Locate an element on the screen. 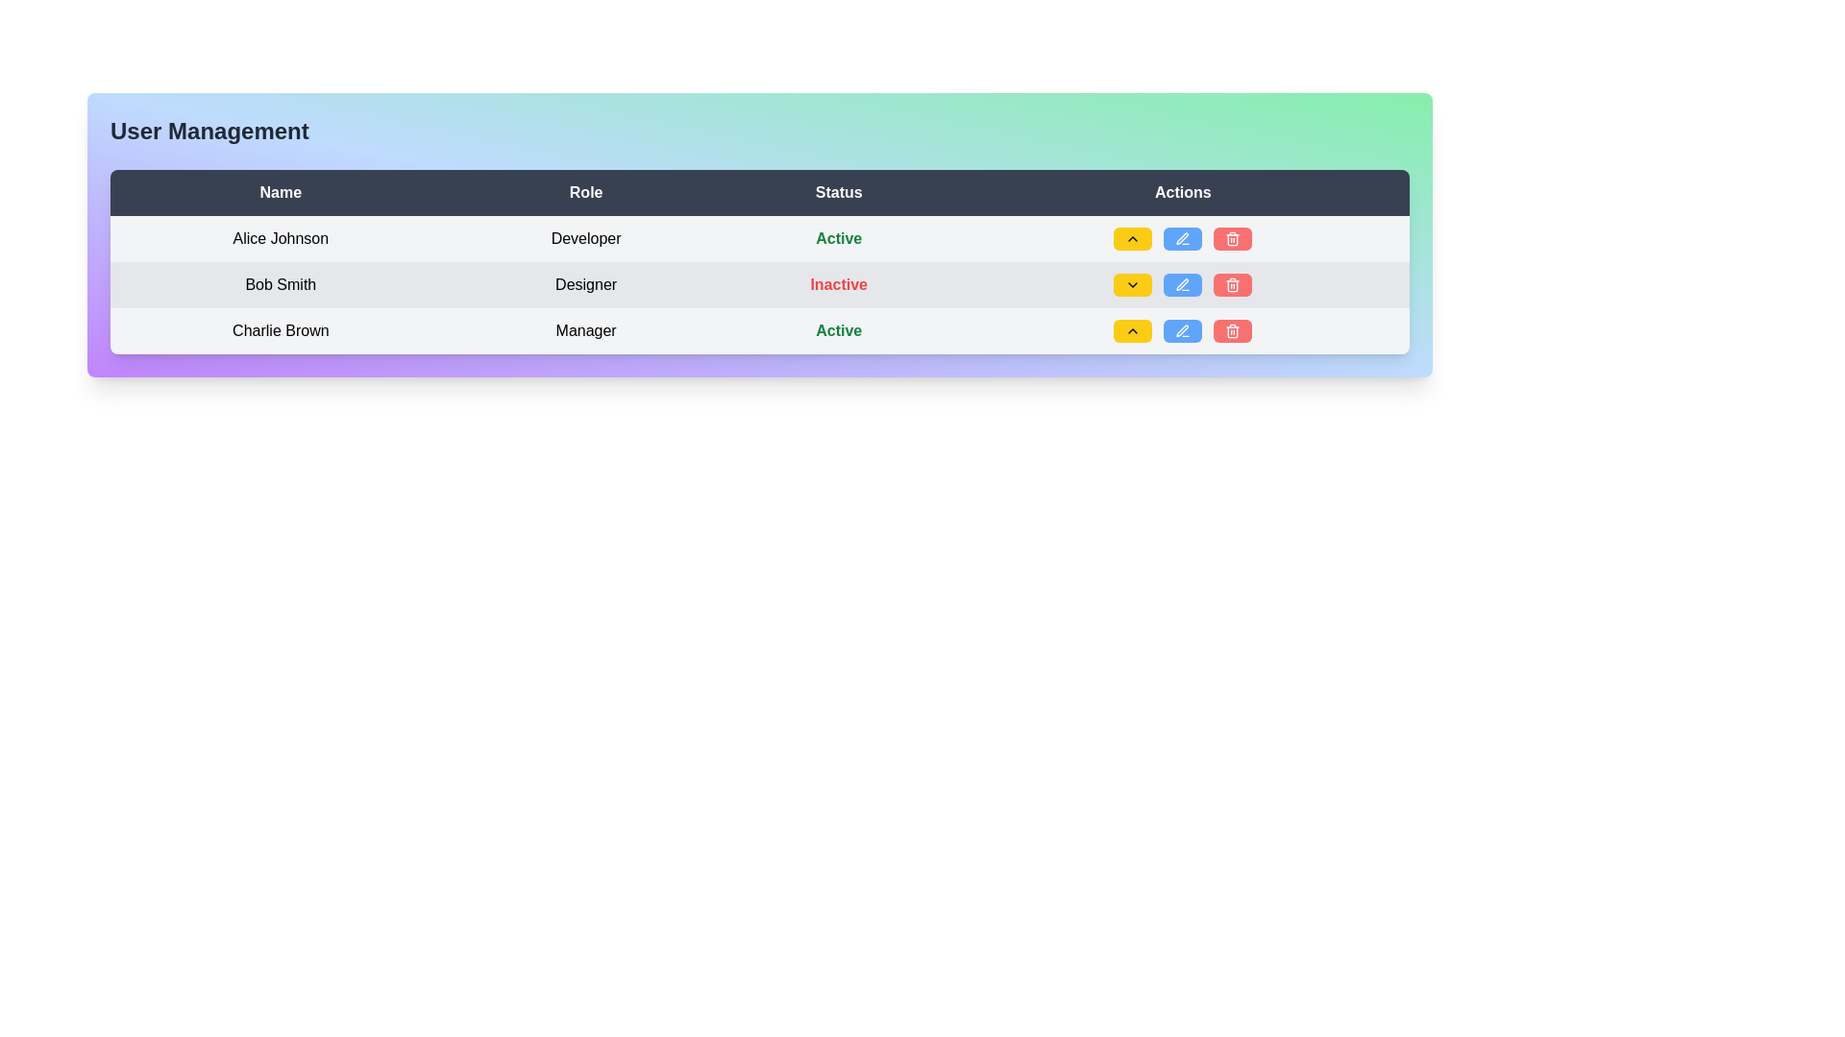  the Text Label that serves as the name label for a specific user in the first row of the table under the 'Name' column is located at coordinates (280, 238).